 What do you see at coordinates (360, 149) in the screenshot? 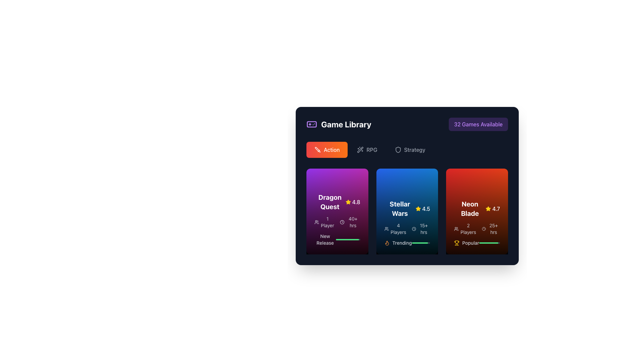
I see `the RPG genre icon, which is a visual representation located to the left of the text 'RPG' in the header row of game genres` at bounding box center [360, 149].